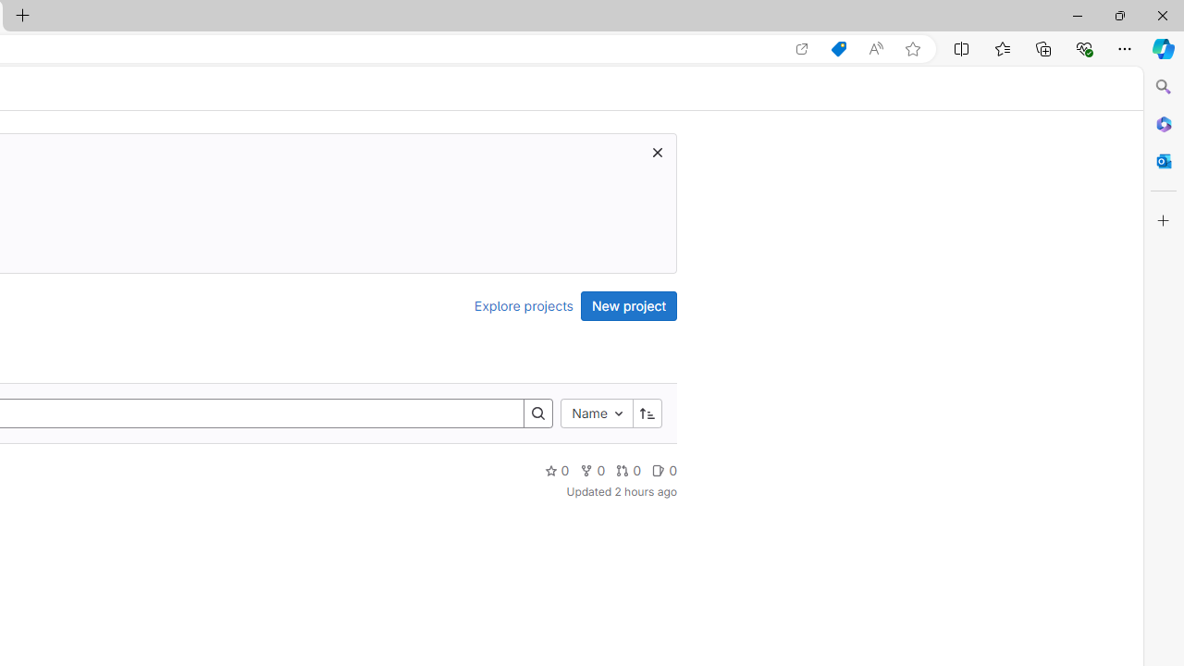  I want to click on 'Explore projects', so click(522, 304).